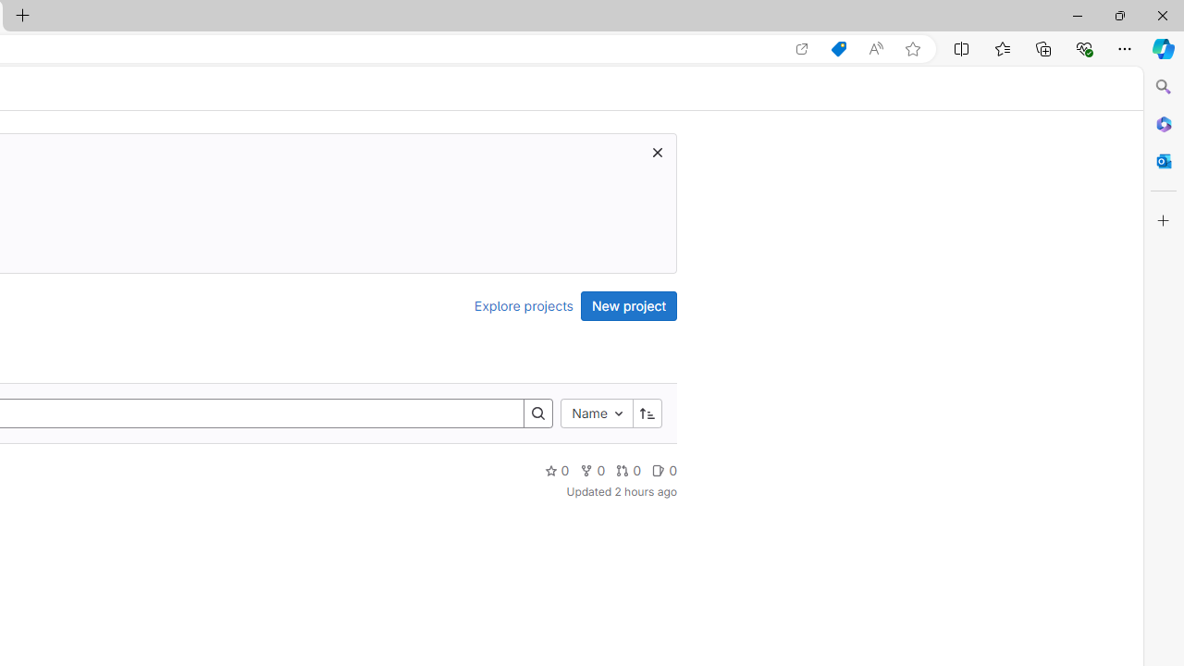  I want to click on 'Explore projects', so click(522, 304).